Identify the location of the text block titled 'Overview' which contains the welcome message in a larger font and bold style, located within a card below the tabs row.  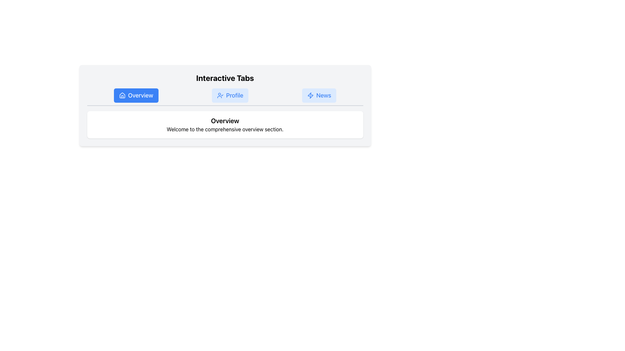
(225, 125).